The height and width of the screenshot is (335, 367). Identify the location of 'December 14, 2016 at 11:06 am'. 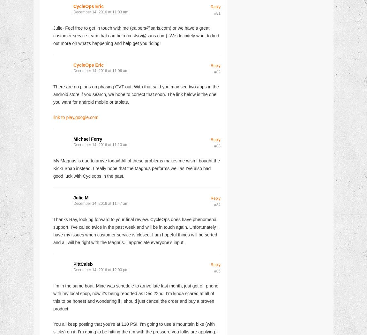
(101, 70).